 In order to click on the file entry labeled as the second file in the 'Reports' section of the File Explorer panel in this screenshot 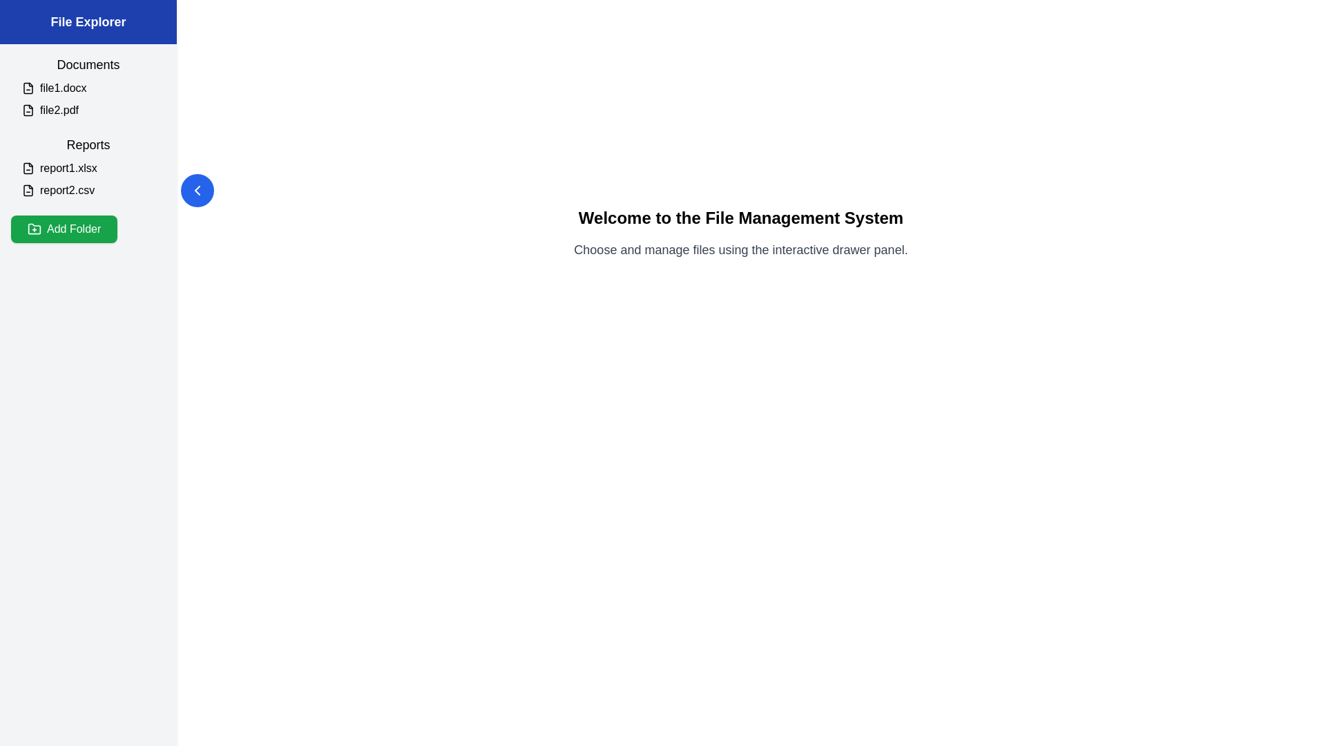, I will do `click(93, 191)`.